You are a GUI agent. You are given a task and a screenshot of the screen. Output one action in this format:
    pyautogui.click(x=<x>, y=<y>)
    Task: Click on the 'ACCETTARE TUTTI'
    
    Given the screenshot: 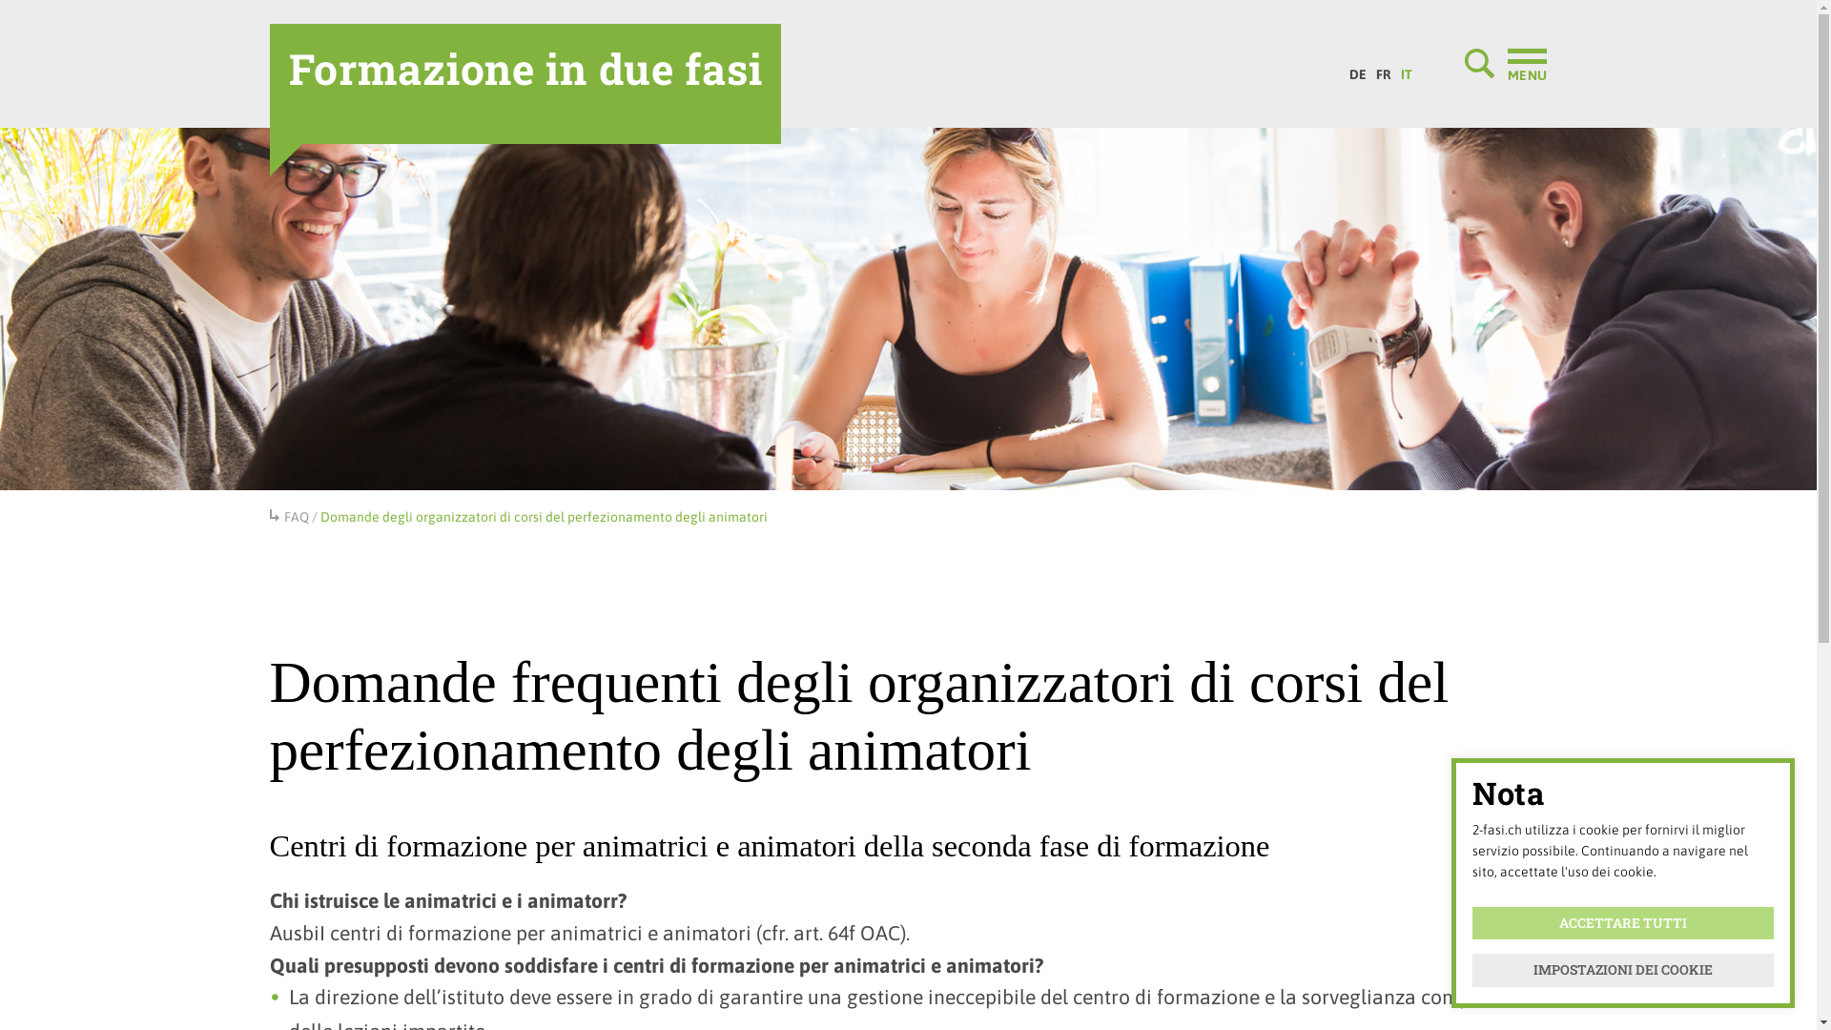 What is the action you would take?
    pyautogui.click(x=1622, y=922)
    